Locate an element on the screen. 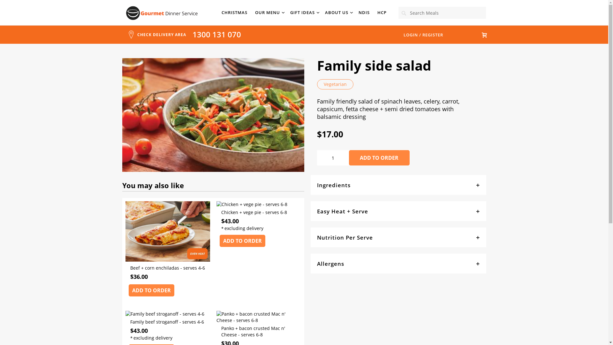 This screenshot has height=345, width=613. 'Gourmet Dinner Service' is located at coordinates (162, 13).